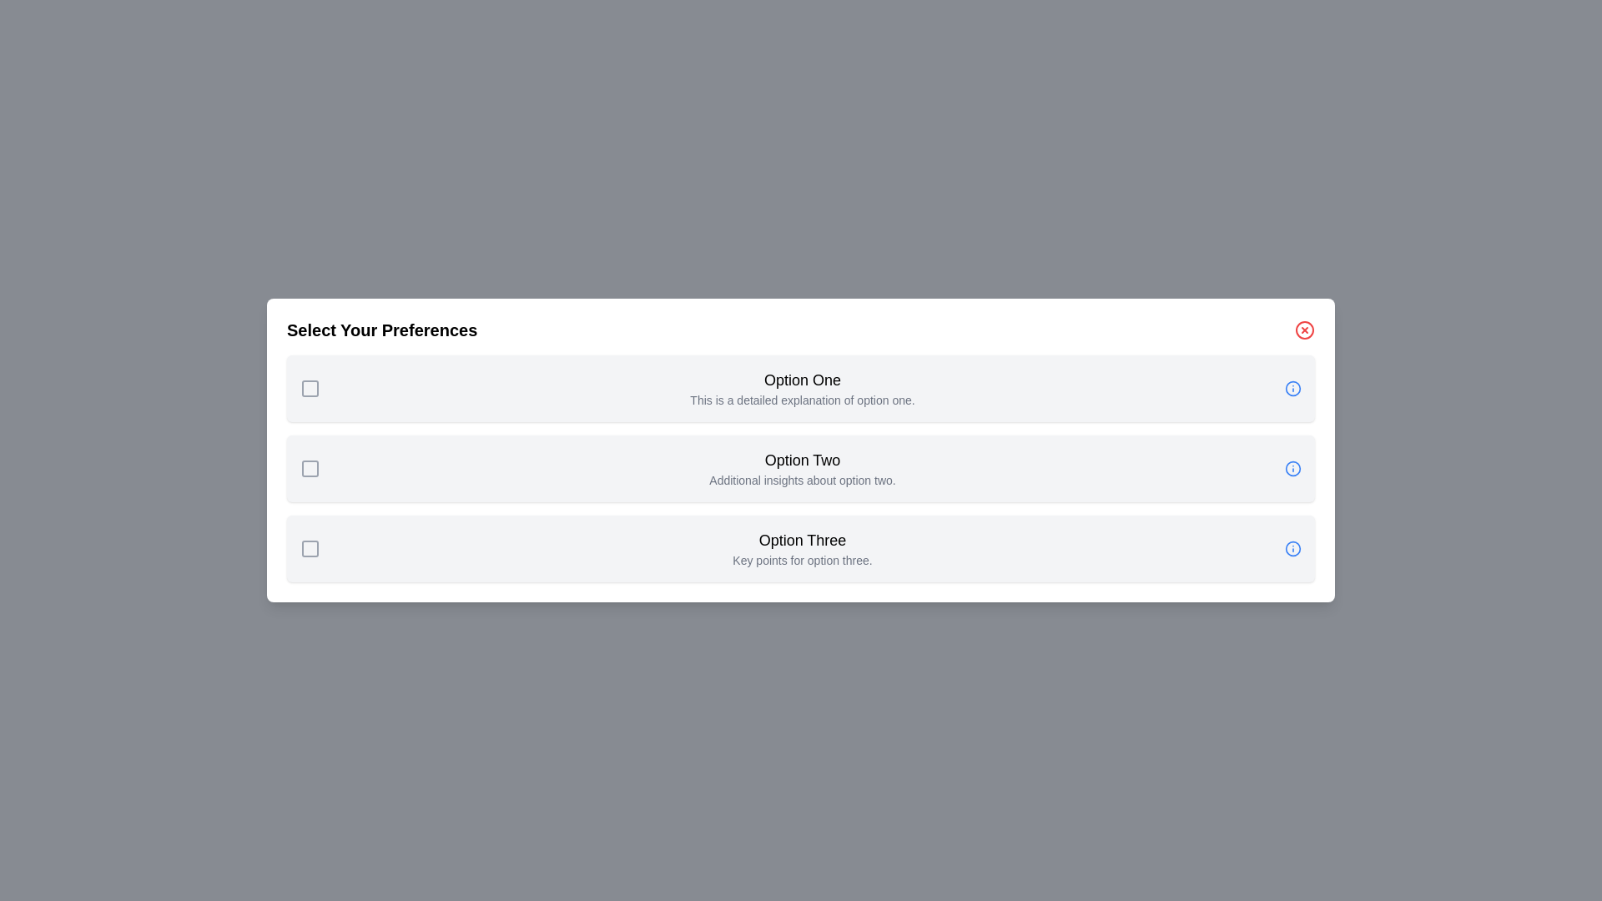 Image resolution: width=1602 pixels, height=901 pixels. What do you see at coordinates (310, 469) in the screenshot?
I see `the Checkbox Icon for 'Option Two'` at bounding box center [310, 469].